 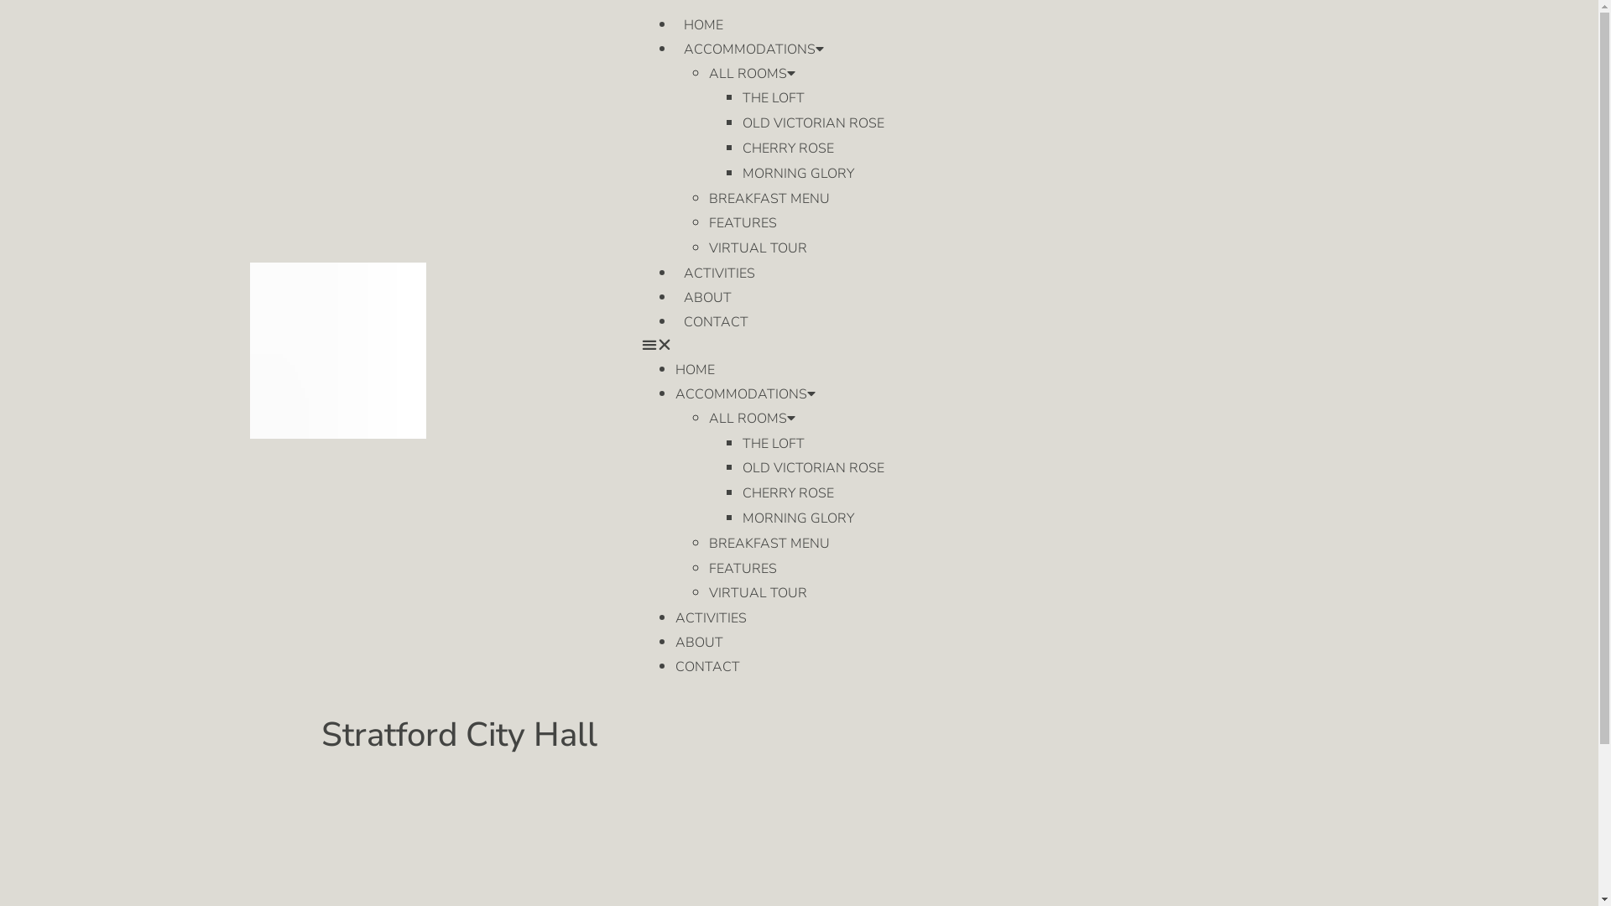 What do you see at coordinates (751, 417) in the screenshot?
I see `'ALL ROOMS'` at bounding box center [751, 417].